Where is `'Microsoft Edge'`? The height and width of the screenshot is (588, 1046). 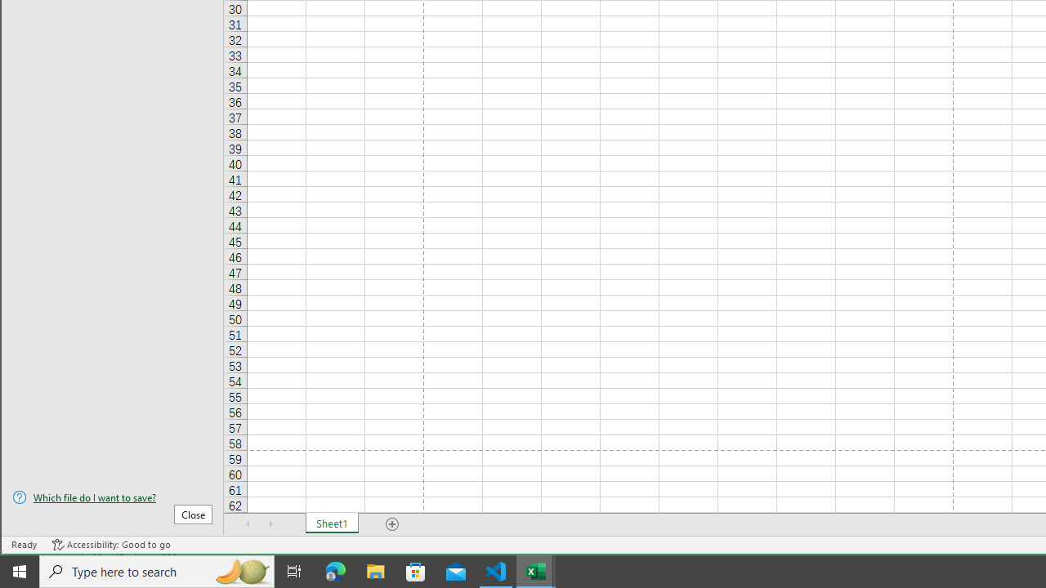 'Microsoft Edge' is located at coordinates (335, 570).